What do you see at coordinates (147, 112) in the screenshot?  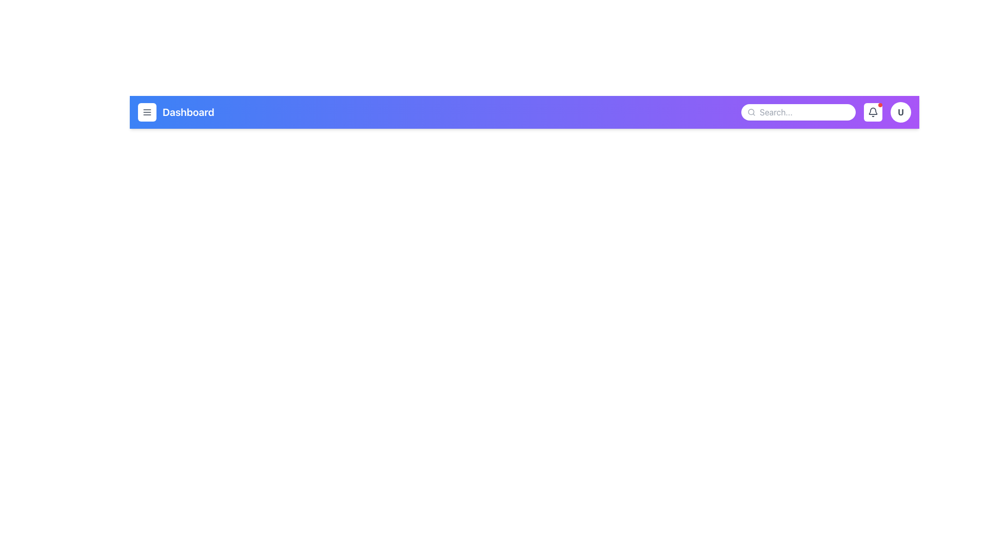 I see `the Hamburger Menu icon located to the left of the 'Dashboard' text at the top bar` at bounding box center [147, 112].